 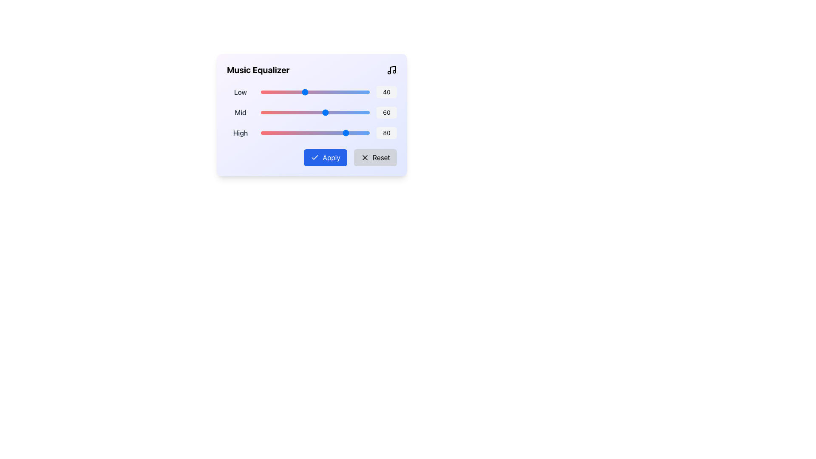 I want to click on the low equalizer slider, so click(x=263, y=92).